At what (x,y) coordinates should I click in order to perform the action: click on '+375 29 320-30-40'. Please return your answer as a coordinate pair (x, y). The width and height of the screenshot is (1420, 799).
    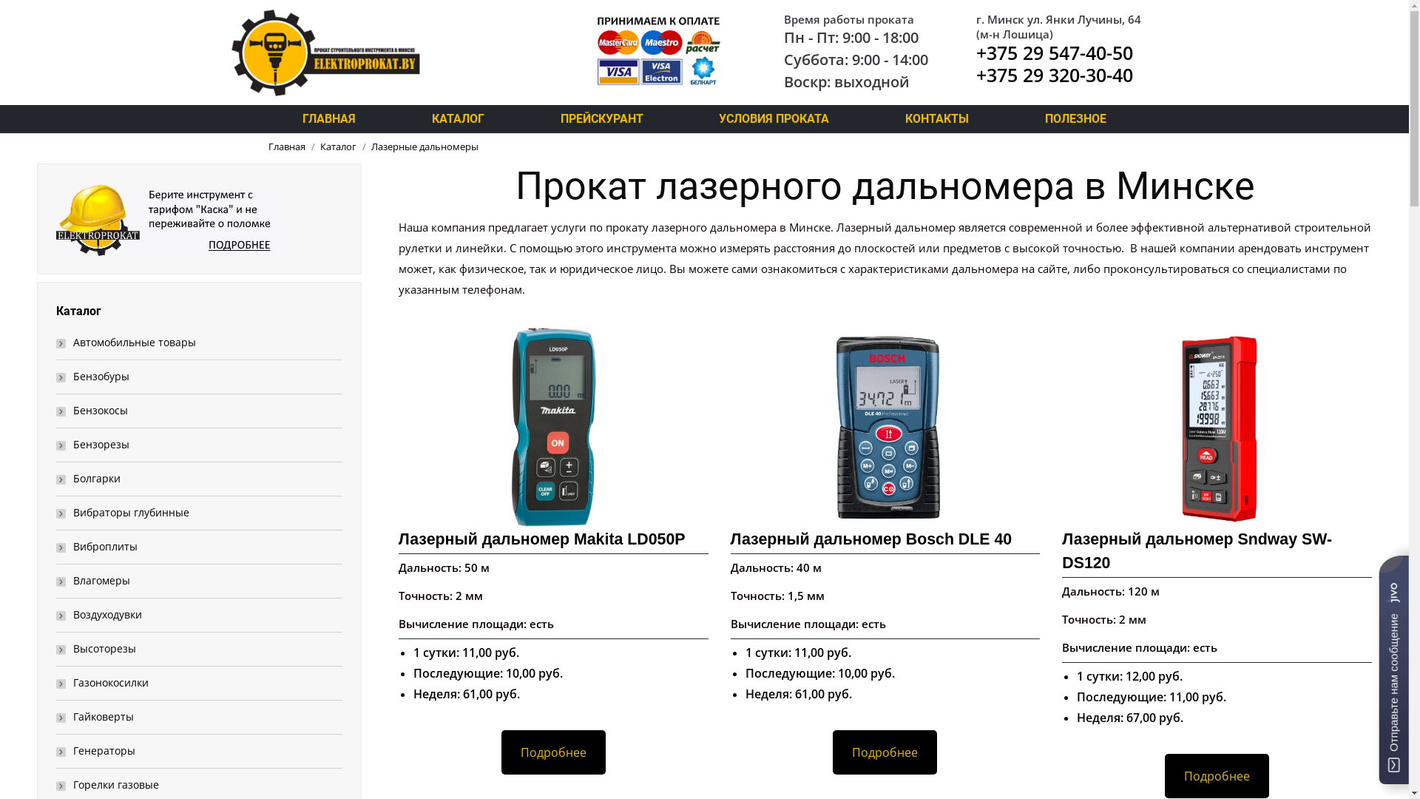
    Looking at the image, I should click on (976, 74).